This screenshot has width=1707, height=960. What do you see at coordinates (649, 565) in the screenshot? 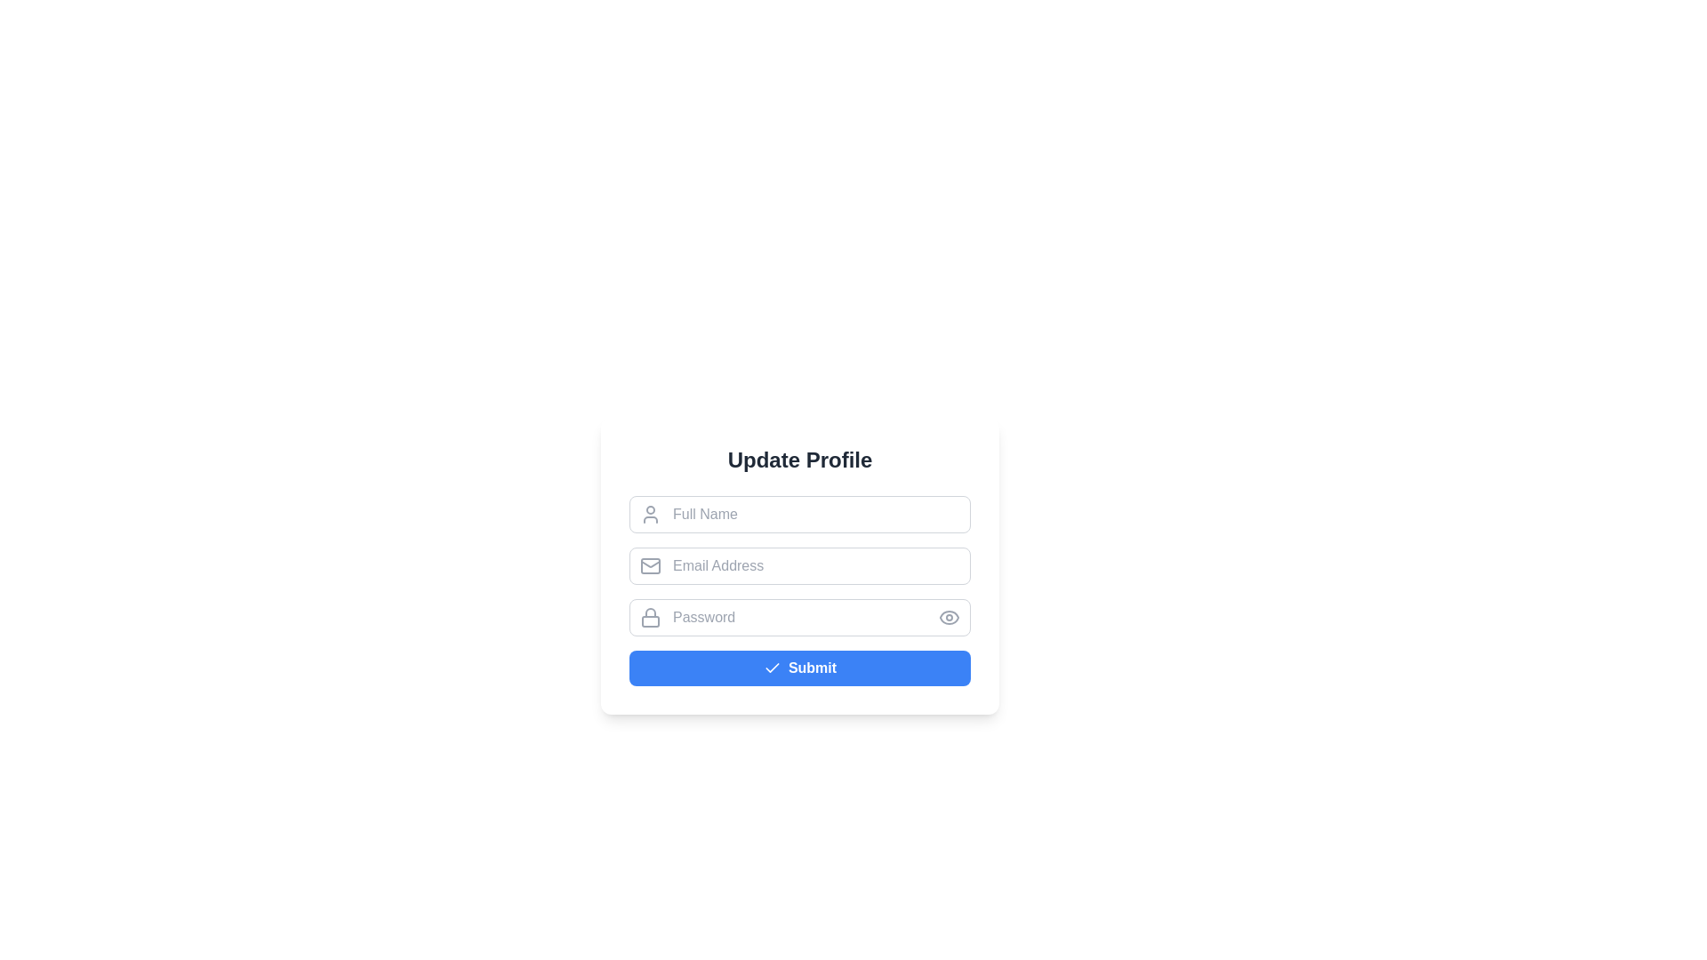
I see `the decorative SVG Rectangle that represents the body of the envelope icon within the 'Email Address' input field` at bounding box center [649, 565].